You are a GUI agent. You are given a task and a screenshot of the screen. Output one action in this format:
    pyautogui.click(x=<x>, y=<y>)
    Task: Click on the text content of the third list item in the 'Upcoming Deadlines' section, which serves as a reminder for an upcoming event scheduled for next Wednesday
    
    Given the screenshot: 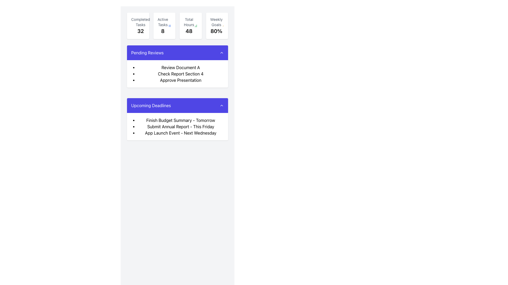 What is the action you would take?
    pyautogui.click(x=180, y=133)
    